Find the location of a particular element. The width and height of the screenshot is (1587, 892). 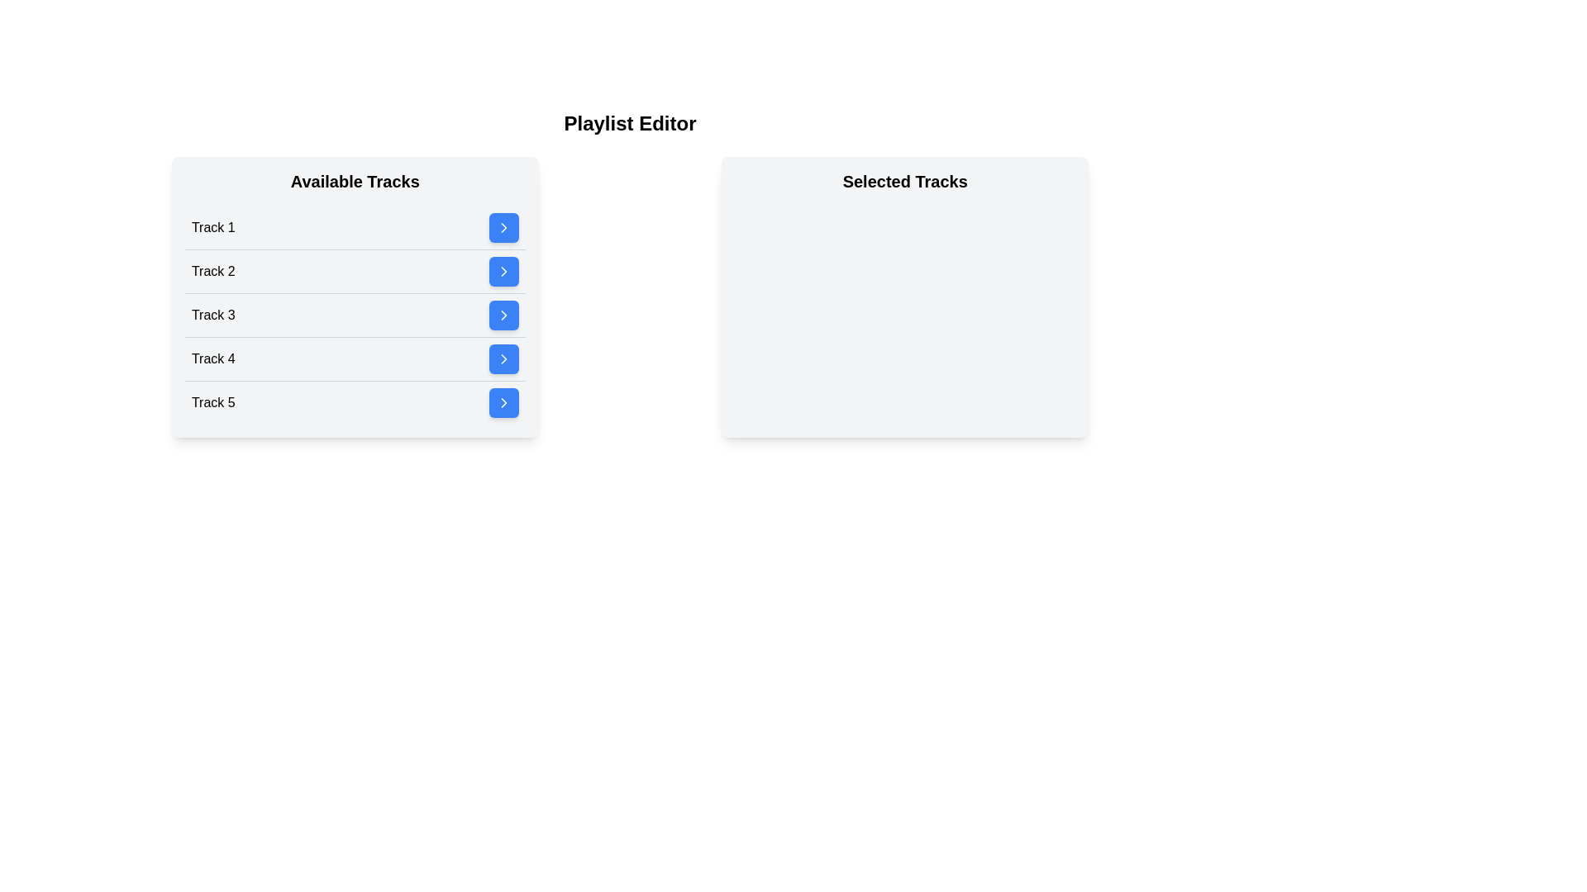

blue button next to Track 1 in the 'Available Tracks' list to move it to 'Selected Tracks' is located at coordinates (503, 228).